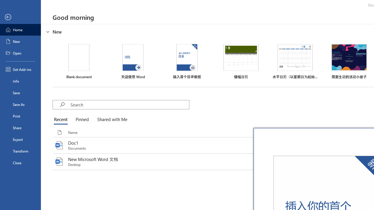  Describe the element at coordinates (20, 127) in the screenshot. I see `'Share'` at that location.